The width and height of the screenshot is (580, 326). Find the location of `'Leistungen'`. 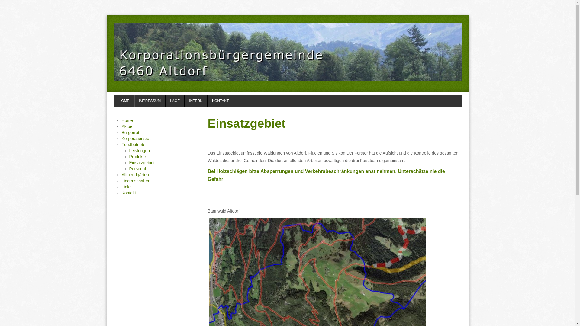

'Leistungen' is located at coordinates (139, 150).